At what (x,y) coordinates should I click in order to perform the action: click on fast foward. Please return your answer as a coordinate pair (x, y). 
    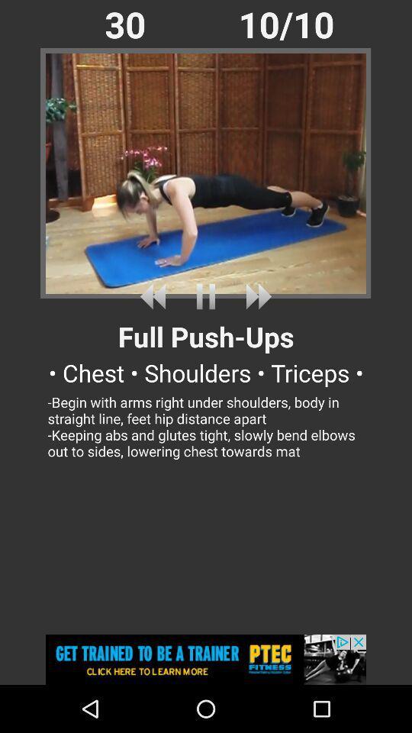
    Looking at the image, I should click on (256, 295).